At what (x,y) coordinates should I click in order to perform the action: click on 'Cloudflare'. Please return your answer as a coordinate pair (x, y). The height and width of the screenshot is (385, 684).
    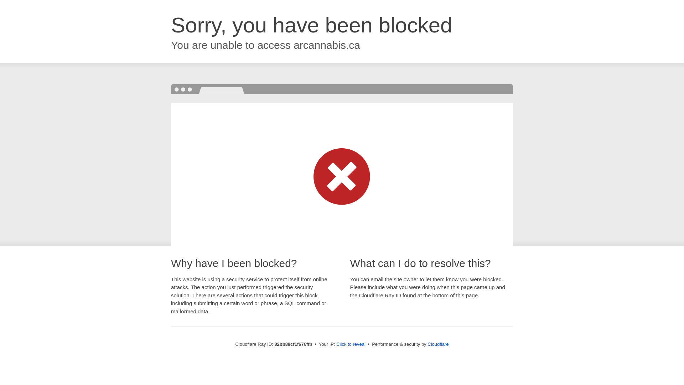
    Looking at the image, I should click on (437, 344).